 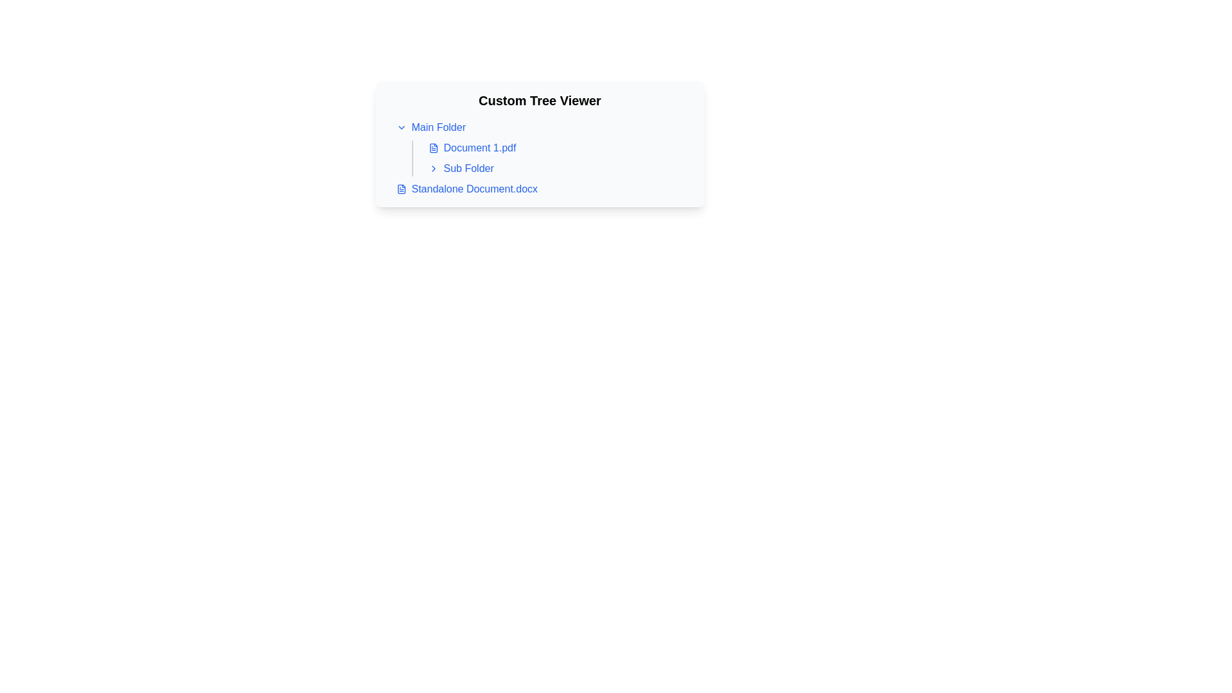 I want to click on the icon positioned before the text label 'Sub Folder', so click(x=433, y=167).